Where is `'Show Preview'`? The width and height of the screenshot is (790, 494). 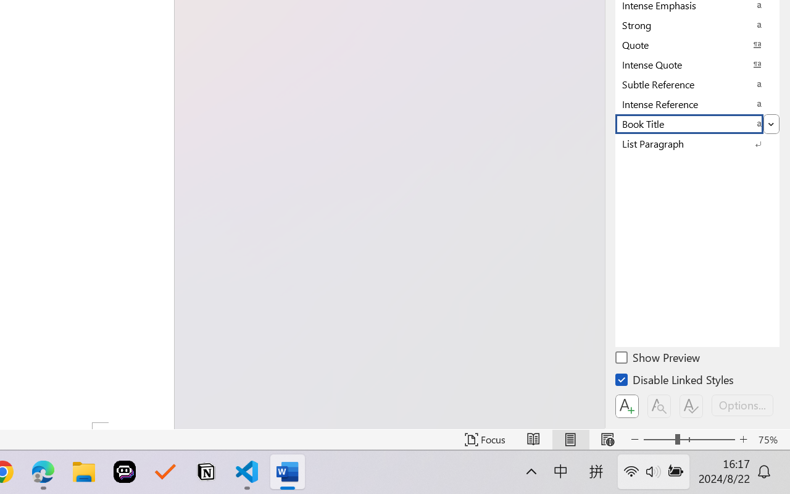 'Show Preview' is located at coordinates (658, 359).